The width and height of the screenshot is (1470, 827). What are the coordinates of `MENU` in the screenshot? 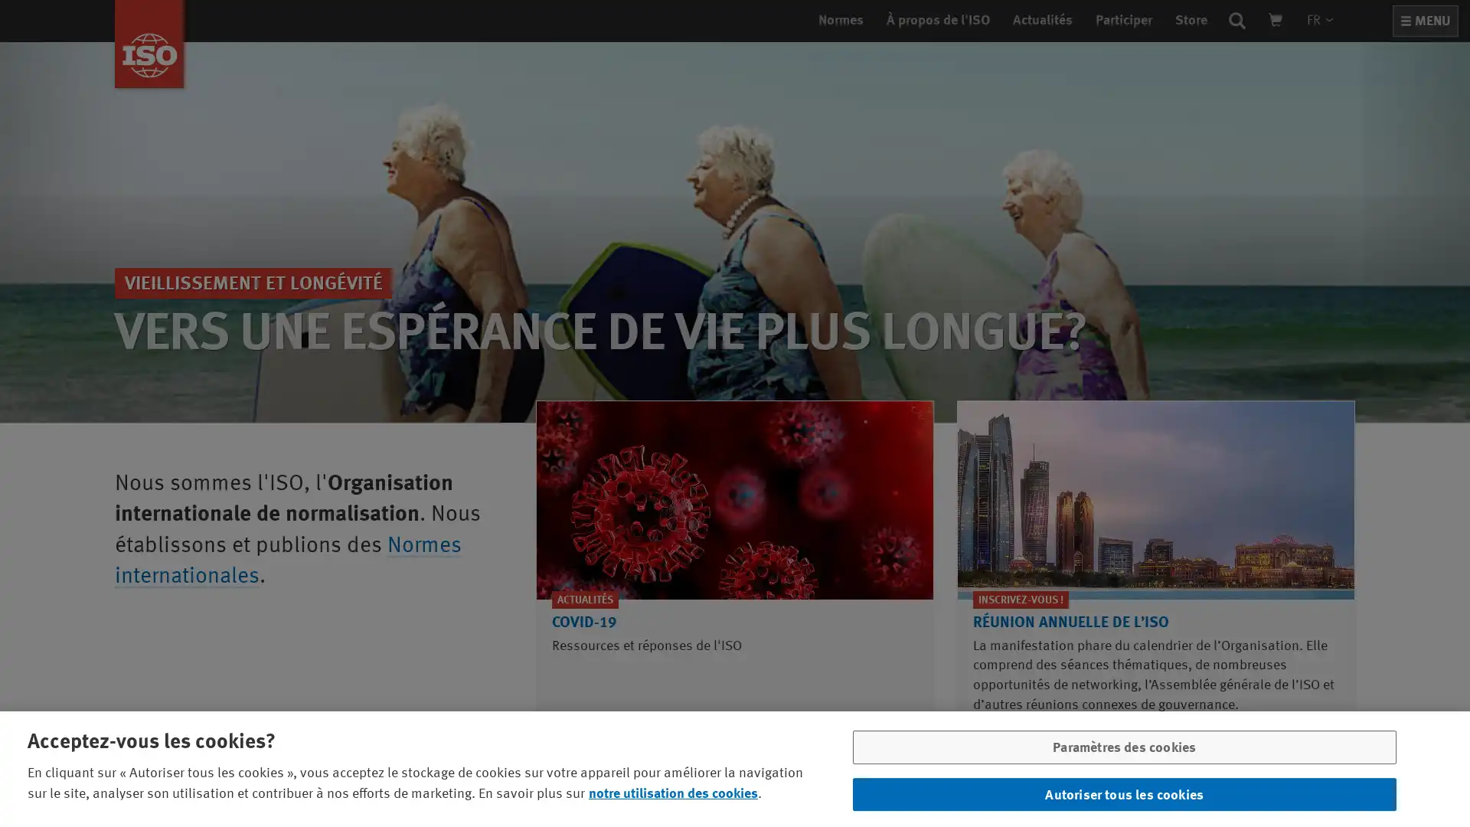 It's located at (1425, 21).